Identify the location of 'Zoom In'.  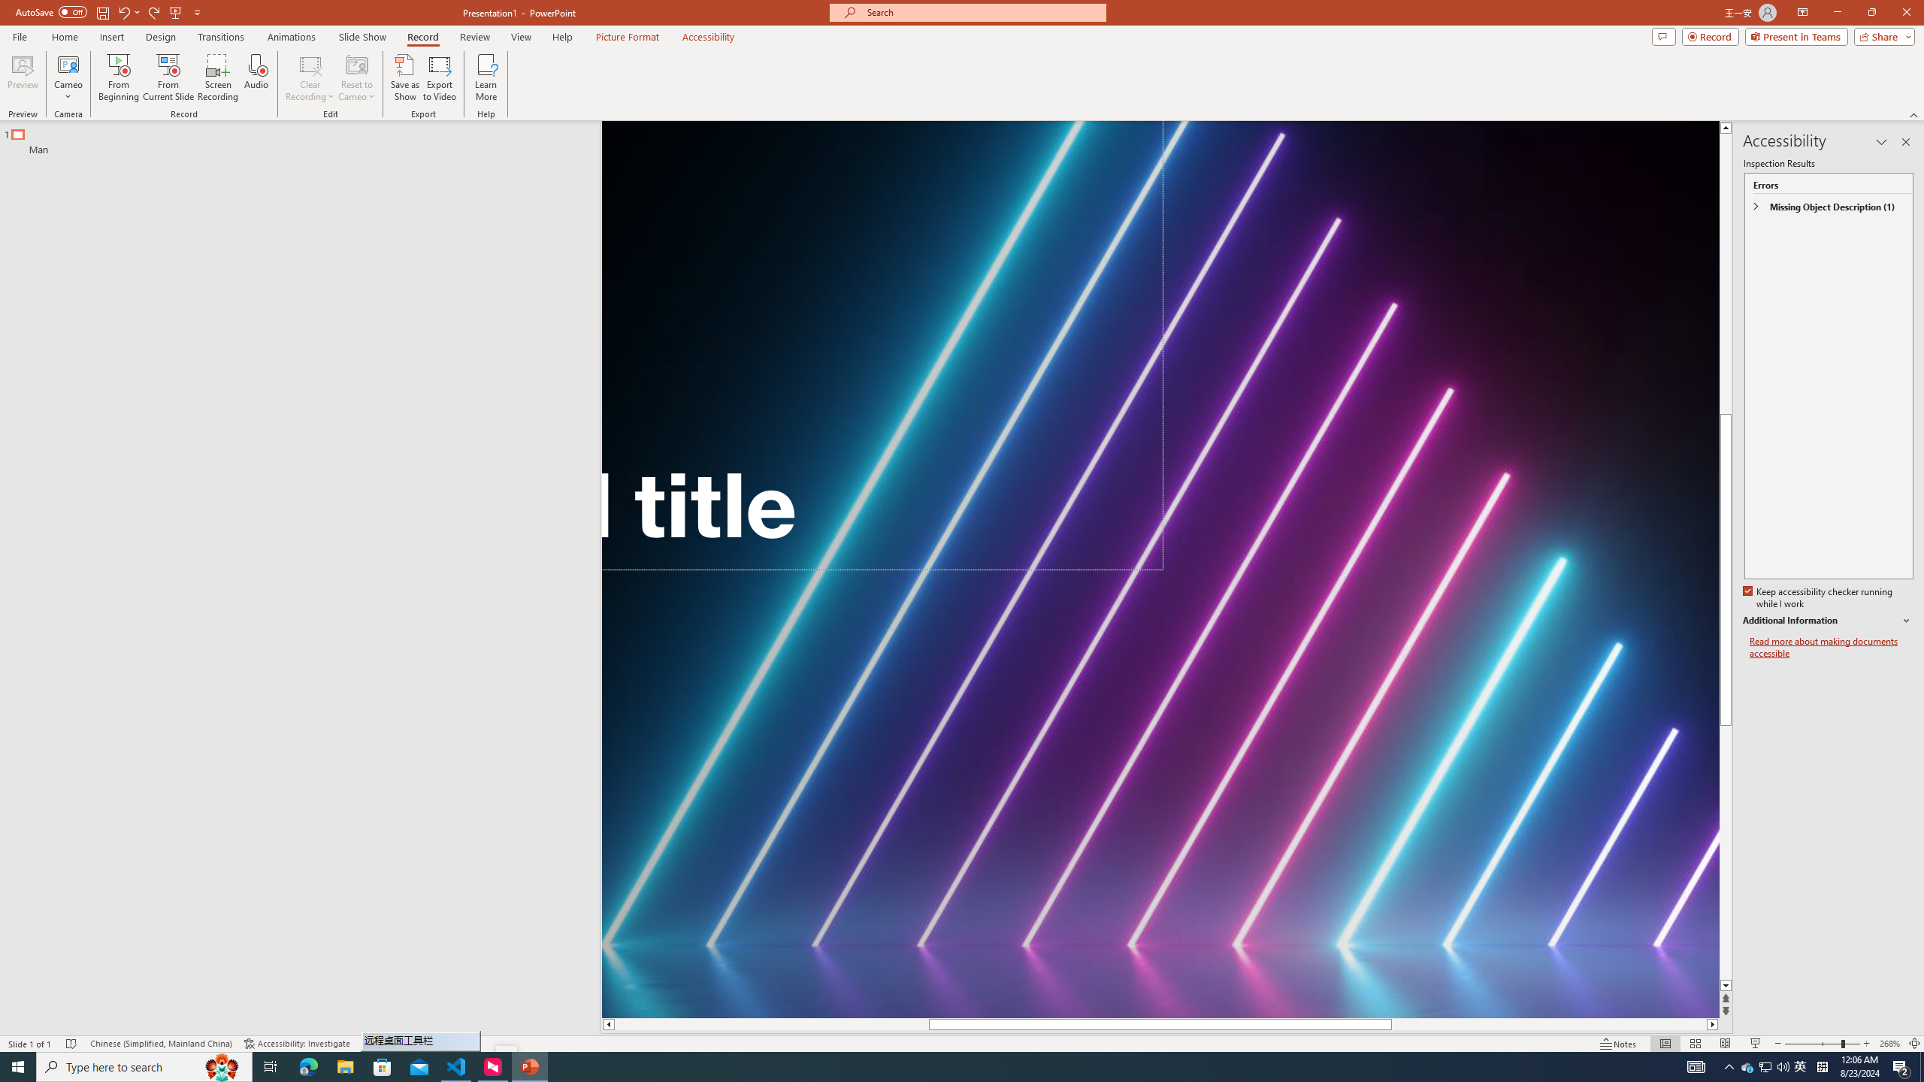
(1866, 1044).